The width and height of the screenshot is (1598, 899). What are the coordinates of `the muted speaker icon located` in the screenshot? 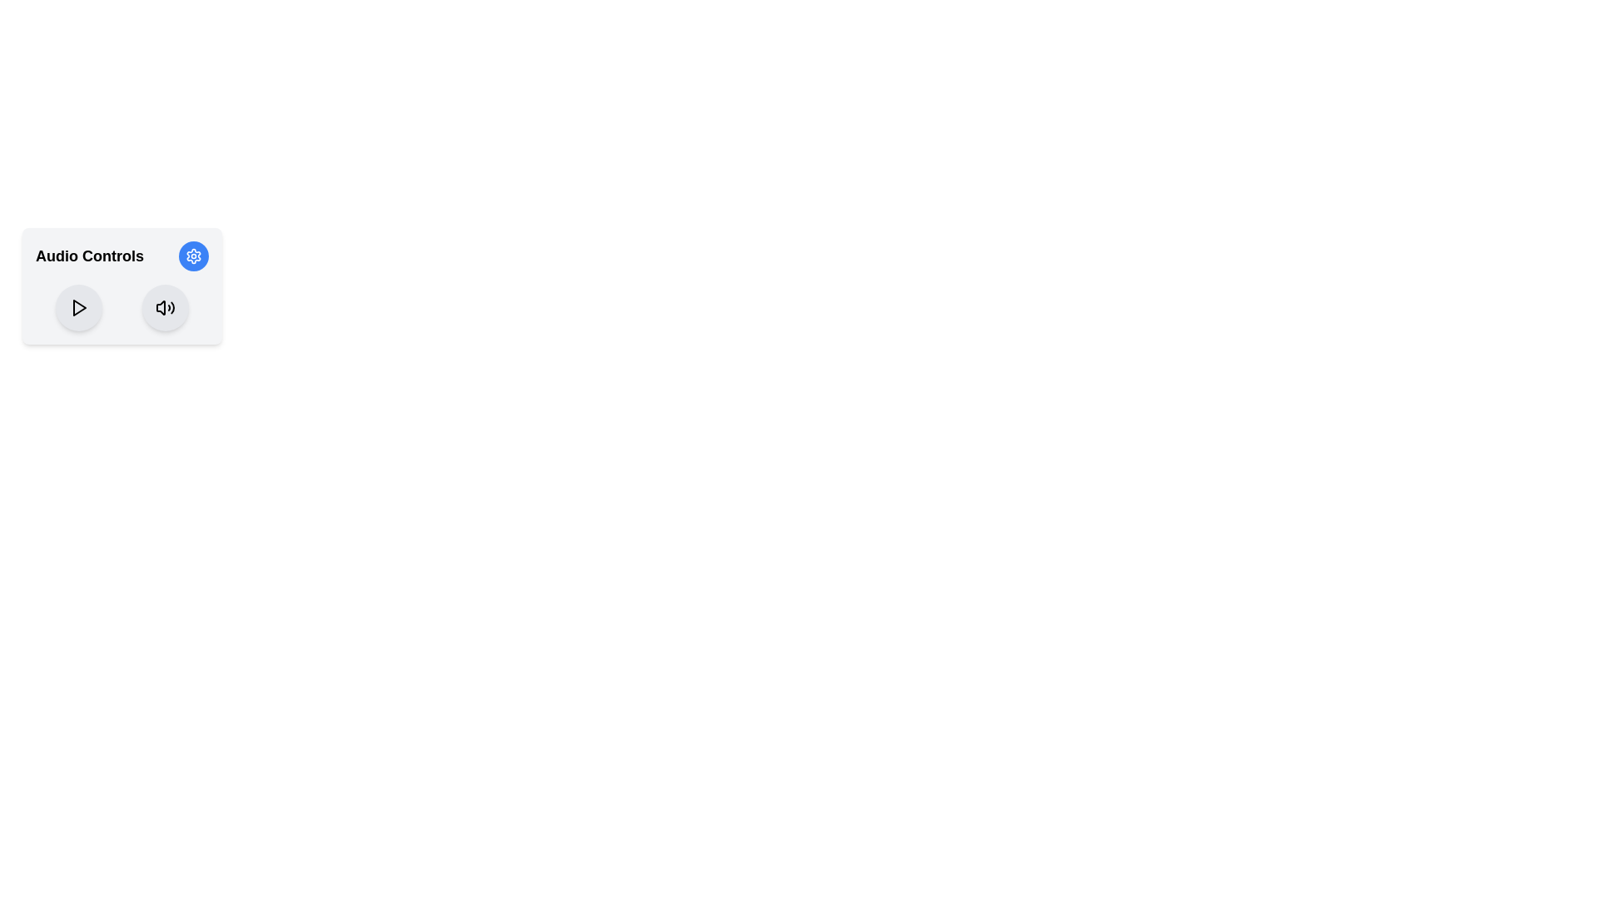 It's located at (161, 308).